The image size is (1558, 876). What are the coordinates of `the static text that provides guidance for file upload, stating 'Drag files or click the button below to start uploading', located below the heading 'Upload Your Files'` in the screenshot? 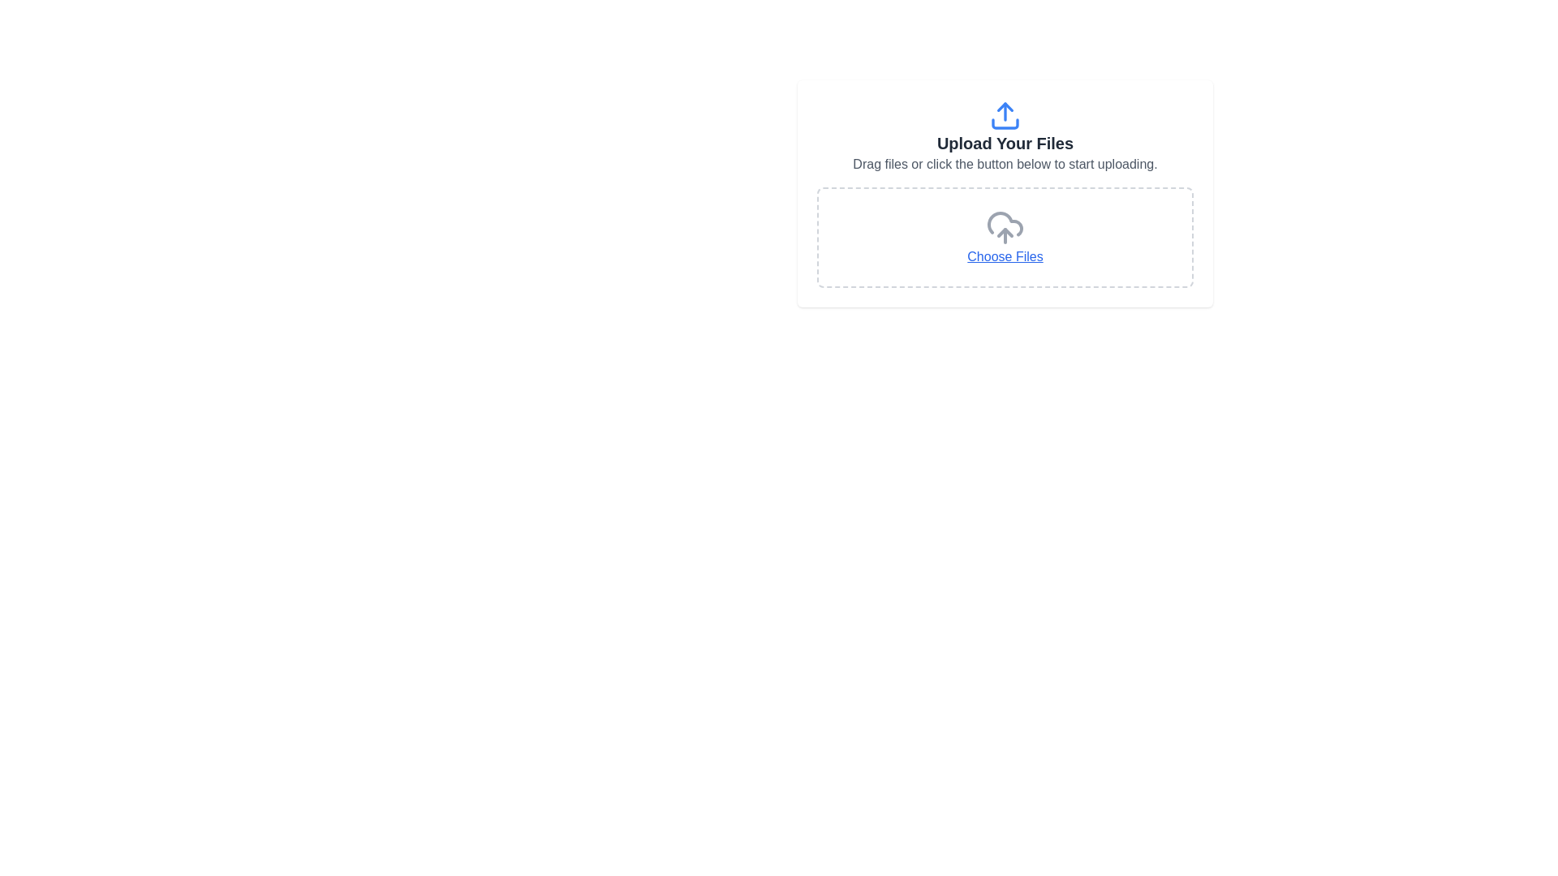 It's located at (1004, 165).